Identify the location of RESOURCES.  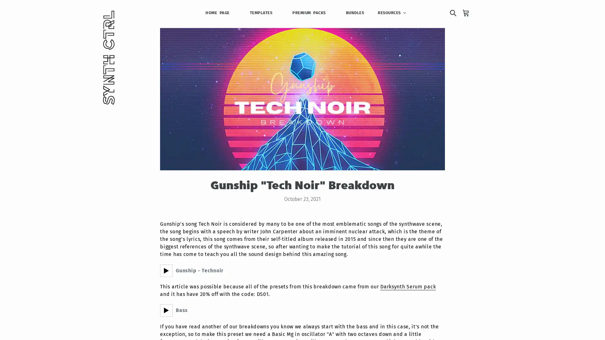
(391, 12).